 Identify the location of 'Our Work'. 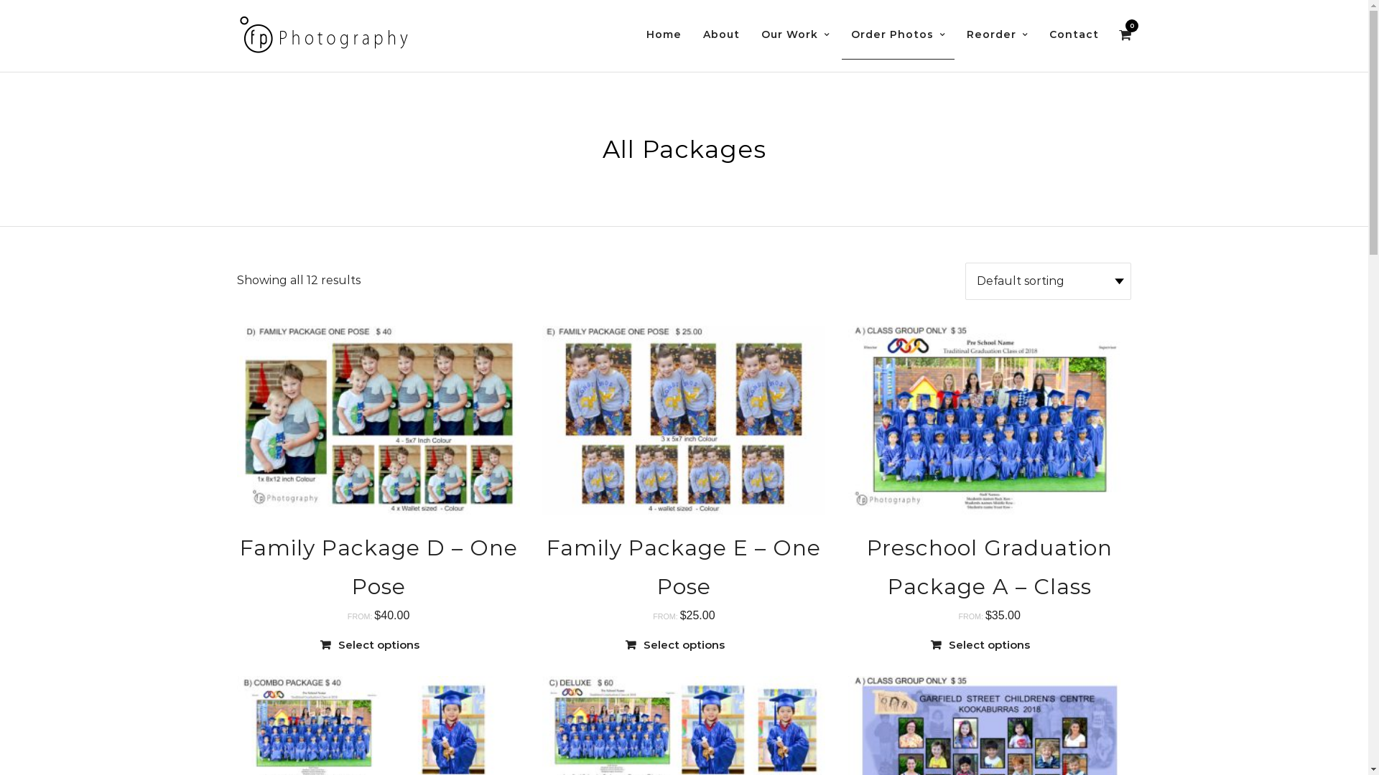
(794, 34).